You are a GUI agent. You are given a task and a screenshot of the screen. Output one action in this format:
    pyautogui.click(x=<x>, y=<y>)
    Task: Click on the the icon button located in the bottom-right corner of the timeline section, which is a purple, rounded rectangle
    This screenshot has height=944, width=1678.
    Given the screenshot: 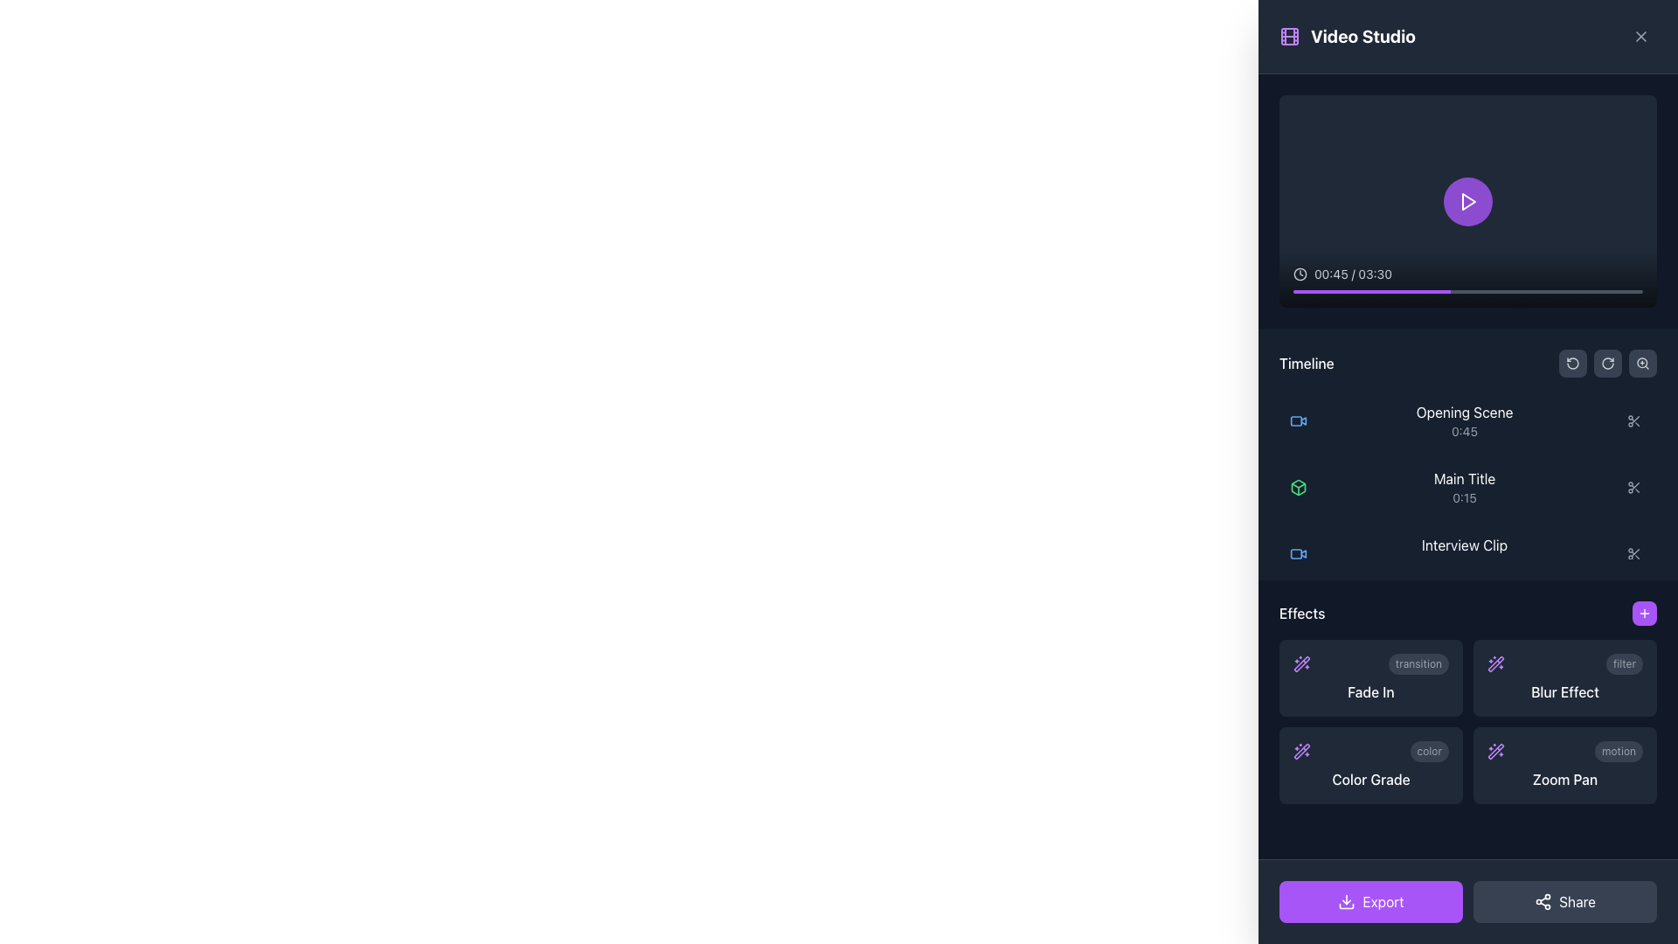 What is the action you would take?
    pyautogui.click(x=1643, y=613)
    